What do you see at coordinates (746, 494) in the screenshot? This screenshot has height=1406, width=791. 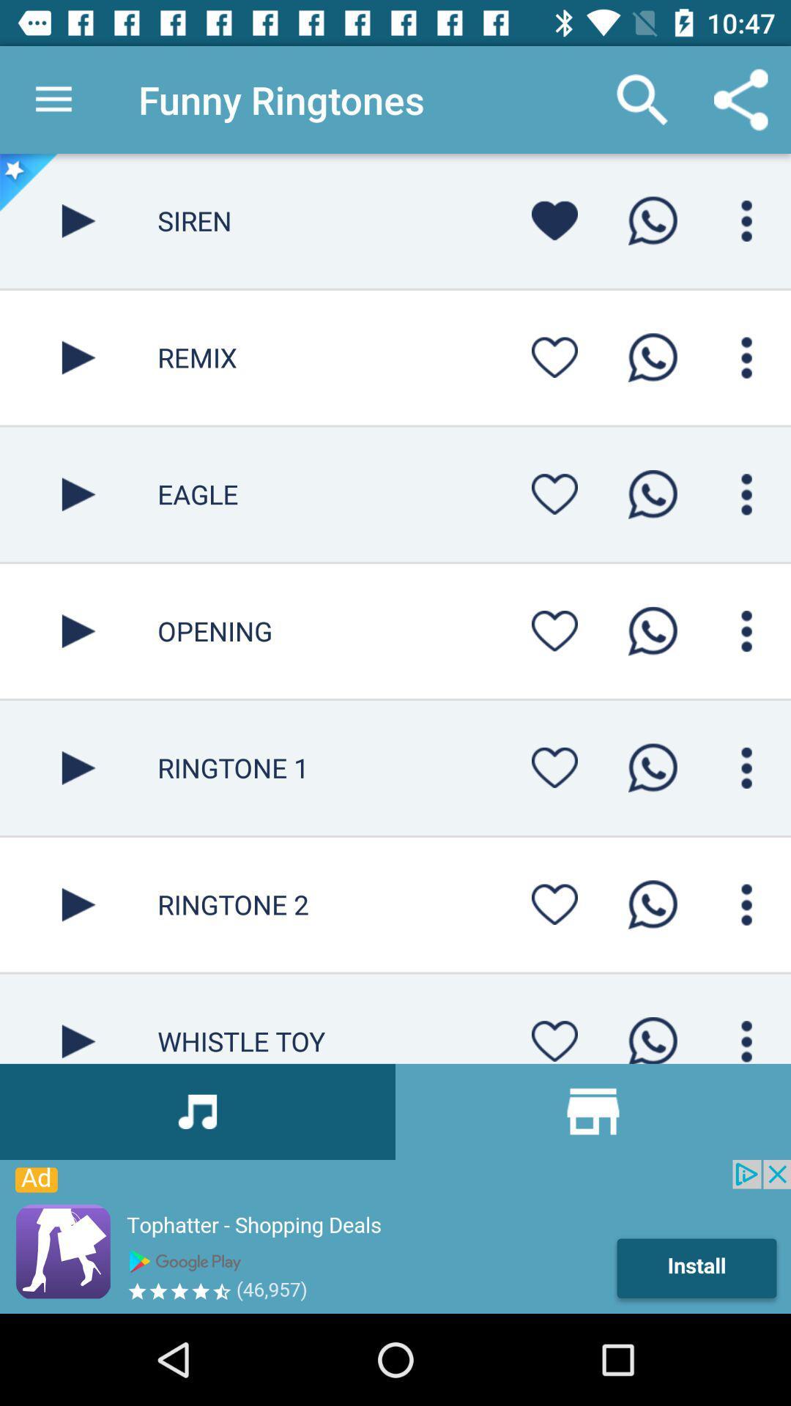 I see `menu` at bounding box center [746, 494].